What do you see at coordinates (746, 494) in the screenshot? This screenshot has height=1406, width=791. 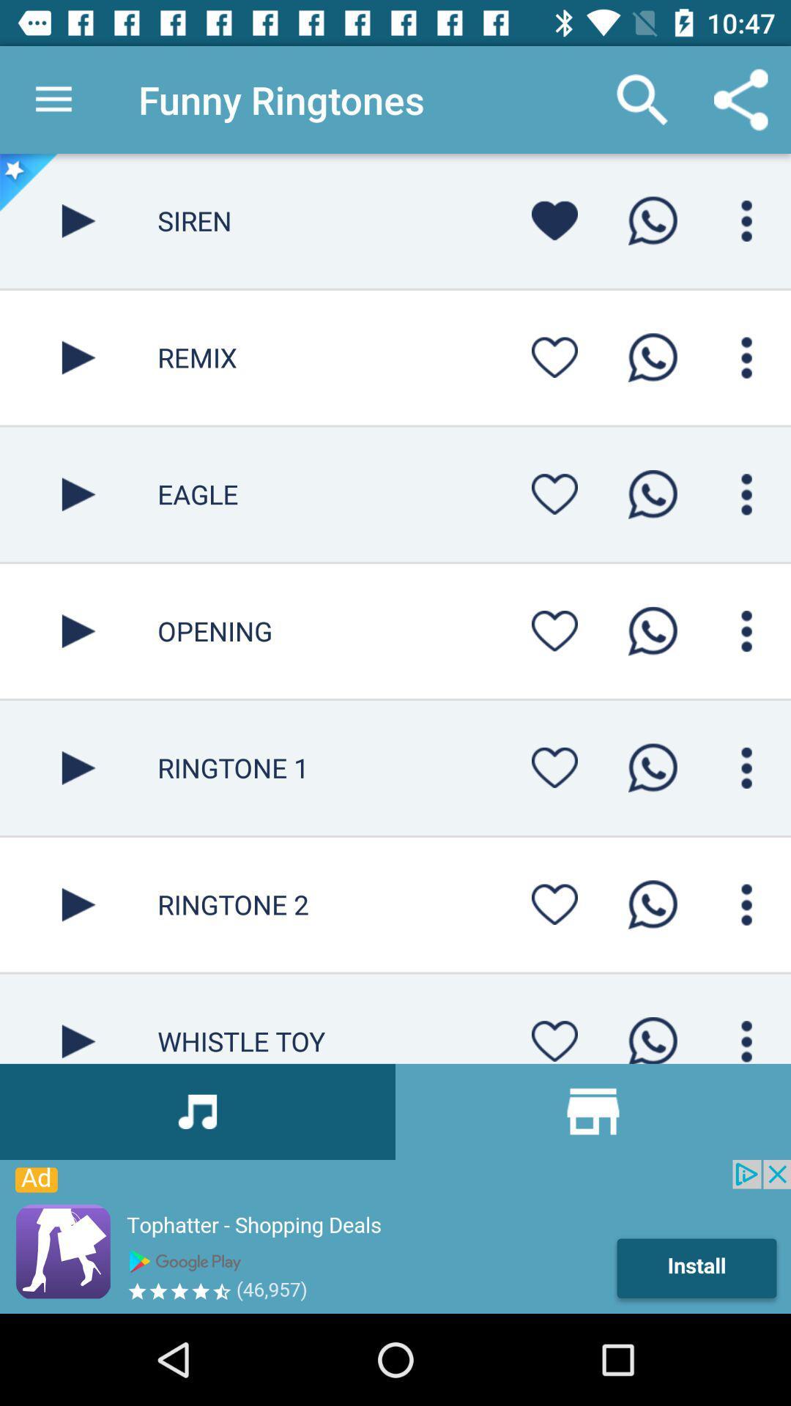 I see `menu` at bounding box center [746, 494].